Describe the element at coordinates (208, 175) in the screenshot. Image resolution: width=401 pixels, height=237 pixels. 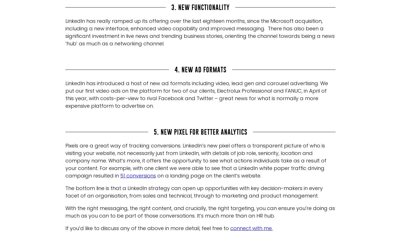
I see `'on a landing page on the client’s website.'` at that location.